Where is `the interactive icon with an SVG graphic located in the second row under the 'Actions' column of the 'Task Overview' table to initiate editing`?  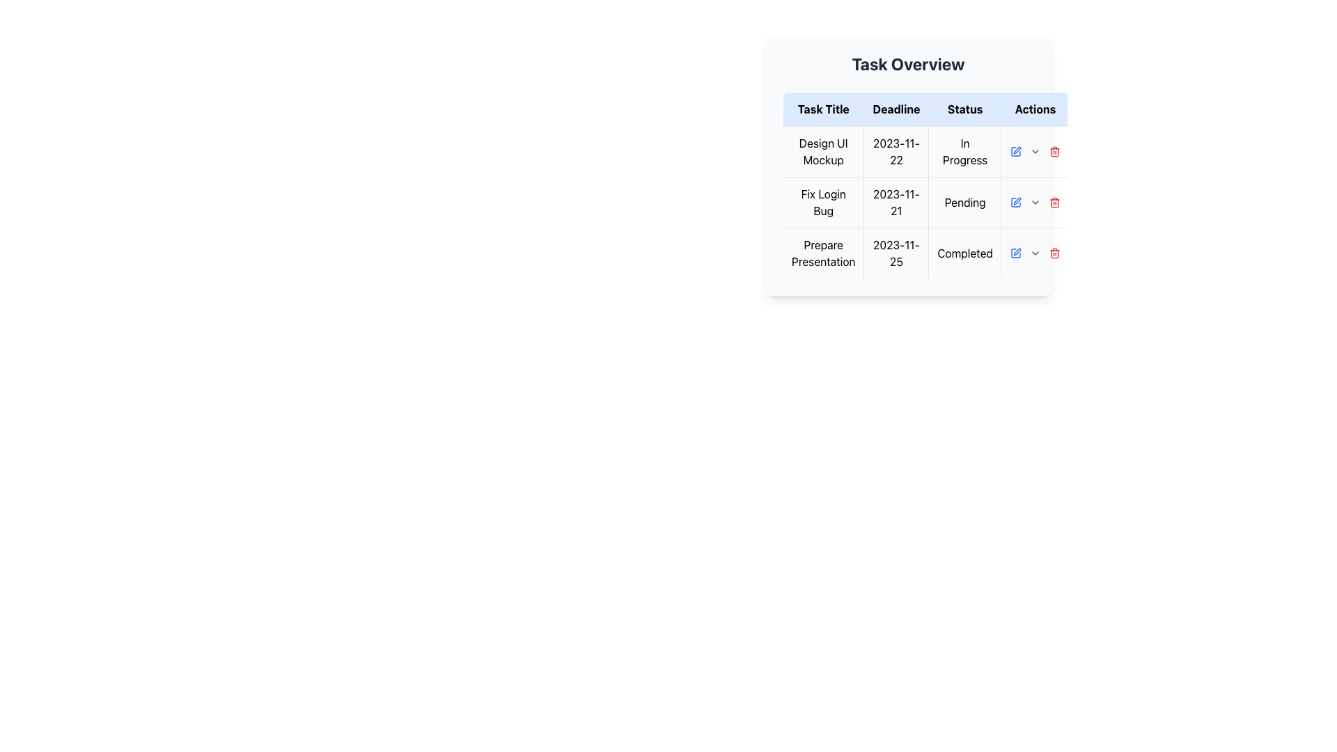
the interactive icon with an SVG graphic located in the second row under the 'Actions' column of the 'Task Overview' table to initiate editing is located at coordinates (1016, 202).